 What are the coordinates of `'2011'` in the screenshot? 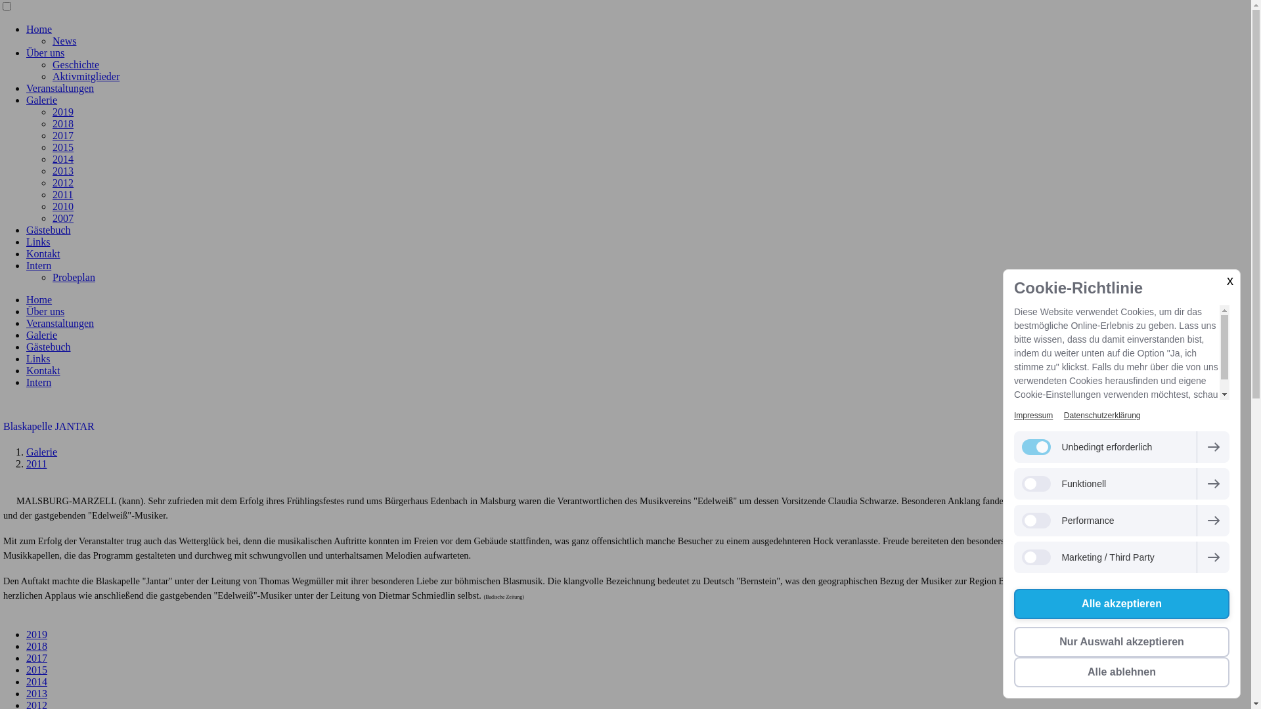 It's located at (26, 463).